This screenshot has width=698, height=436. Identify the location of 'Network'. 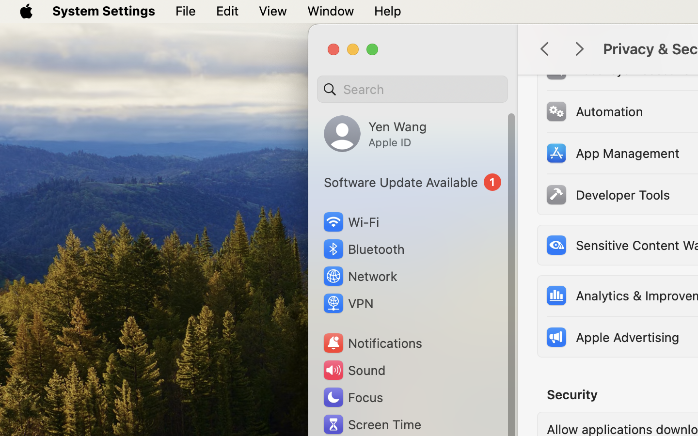
(359, 276).